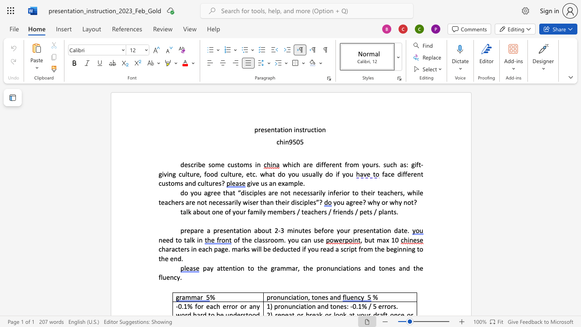 This screenshot has width=581, height=327. What do you see at coordinates (384, 211) in the screenshot?
I see `the space between the continuous character "l" and "a" in the text` at bounding box center [384, 211].